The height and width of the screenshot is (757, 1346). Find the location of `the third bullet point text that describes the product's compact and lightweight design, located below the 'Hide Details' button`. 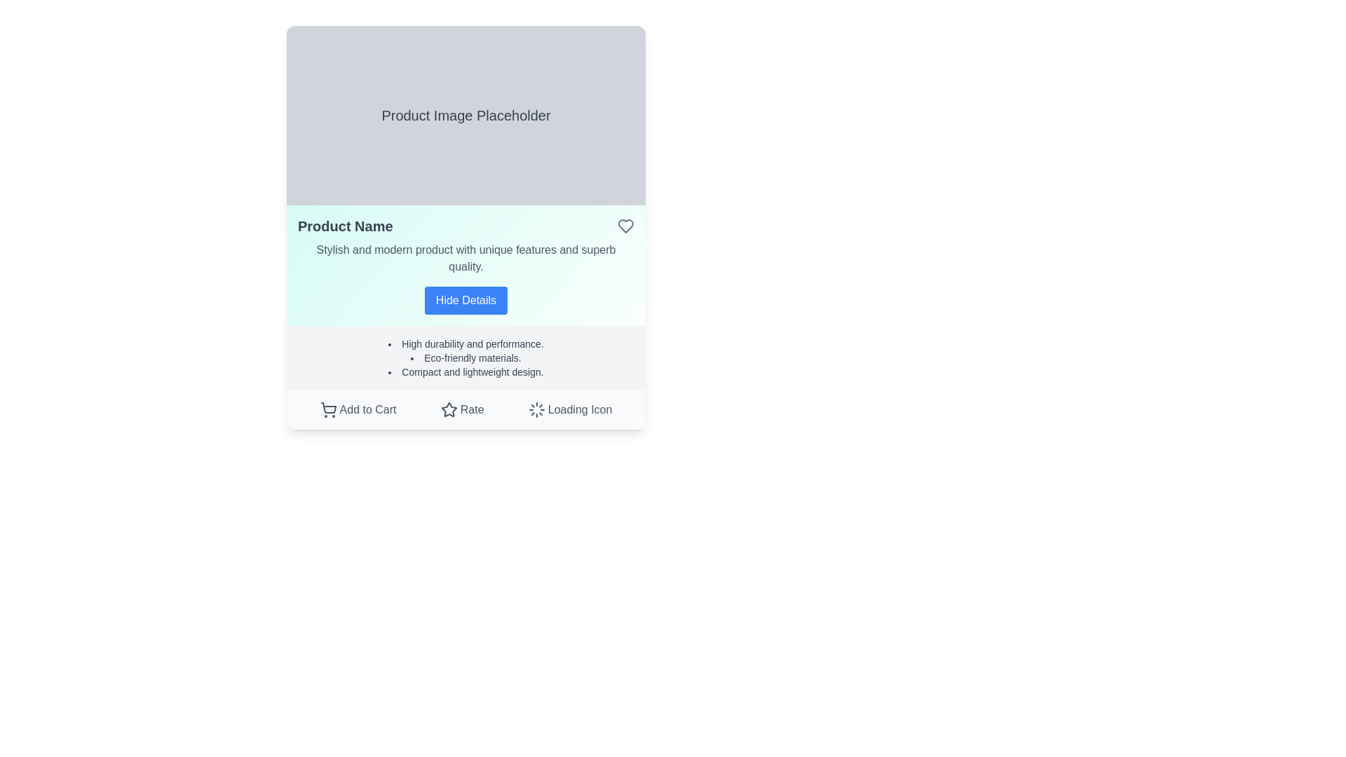

the third bullet point text that describes the product's compact and lightweight design, located below the 'Hide Details' button is located at coordinates (466, 371).